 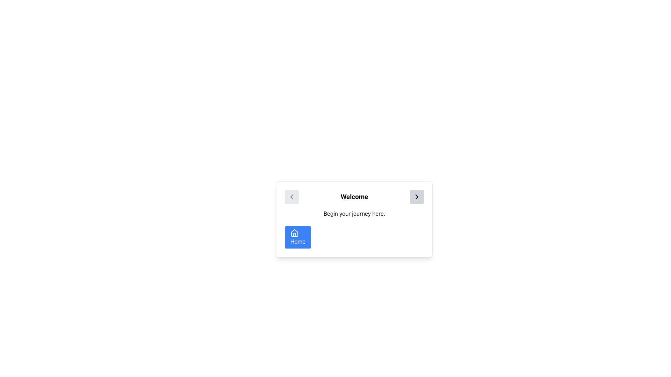 I want to click on the small rounded rectangular button with a grey background and a leftward-pointing chevron icon, so click(x=292, y=197).